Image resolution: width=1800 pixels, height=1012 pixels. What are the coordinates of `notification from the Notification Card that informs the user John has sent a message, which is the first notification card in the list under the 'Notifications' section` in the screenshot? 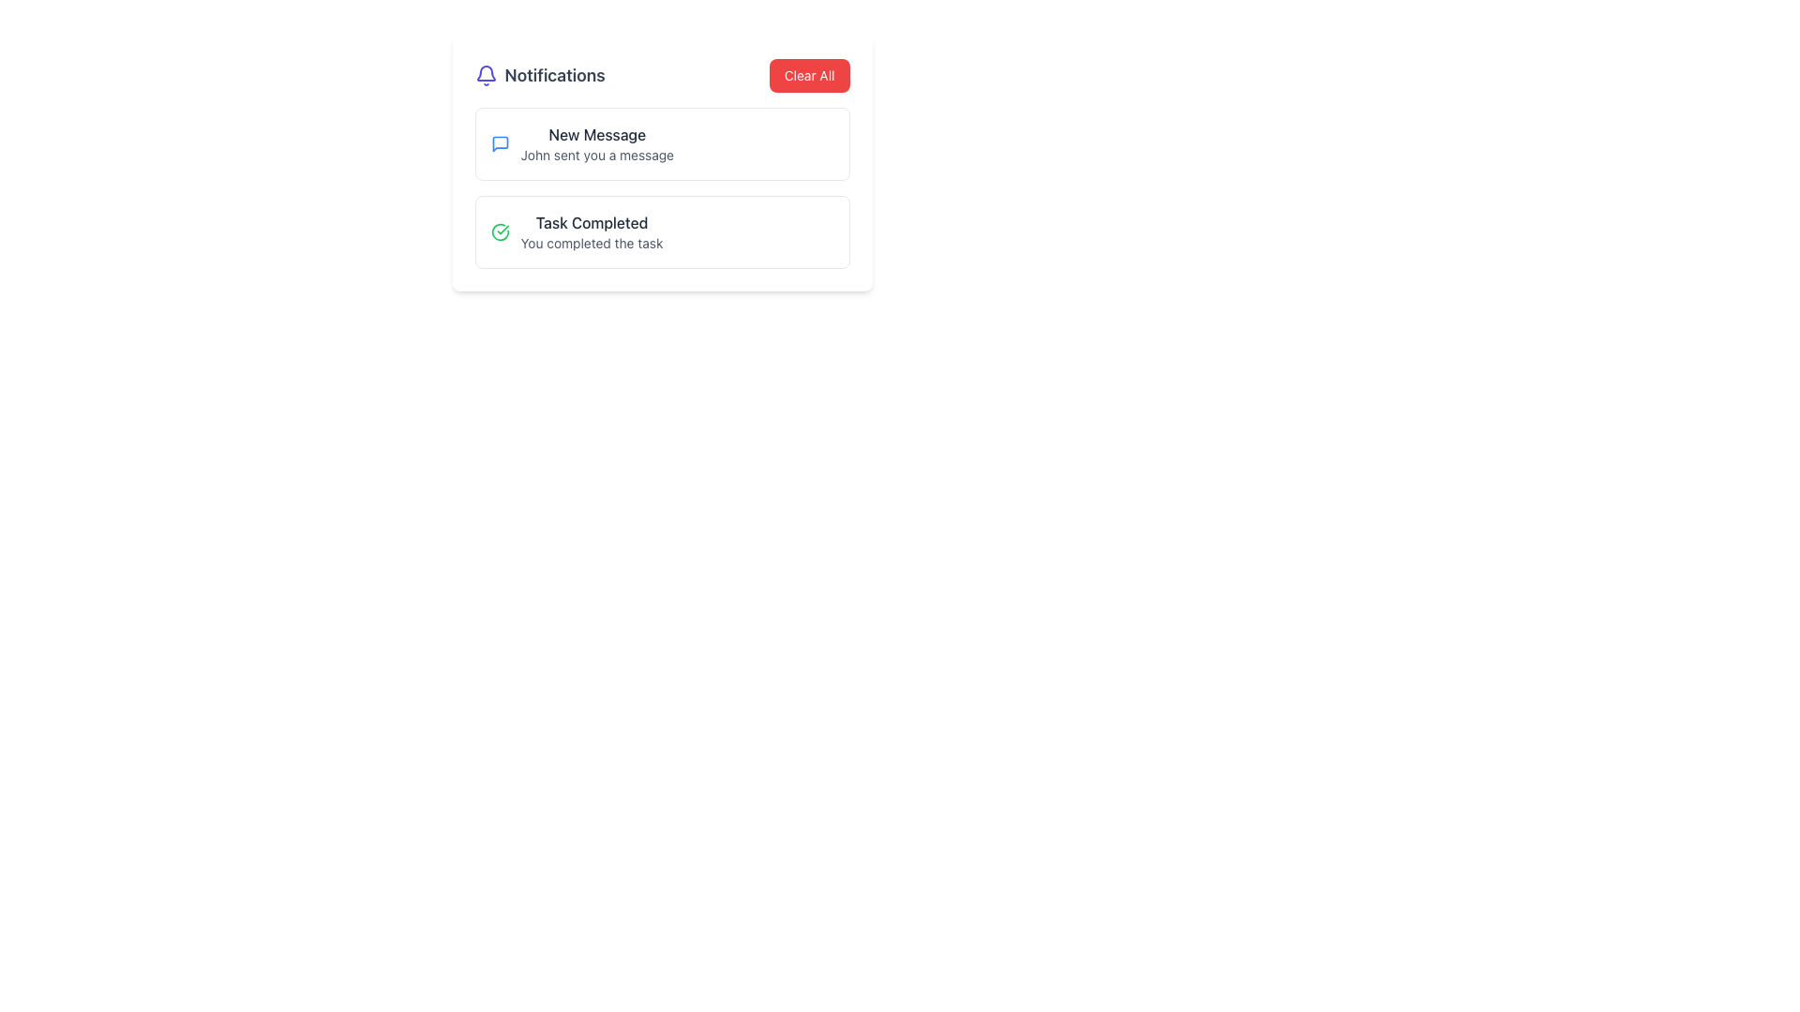 It's located at (662, 143).